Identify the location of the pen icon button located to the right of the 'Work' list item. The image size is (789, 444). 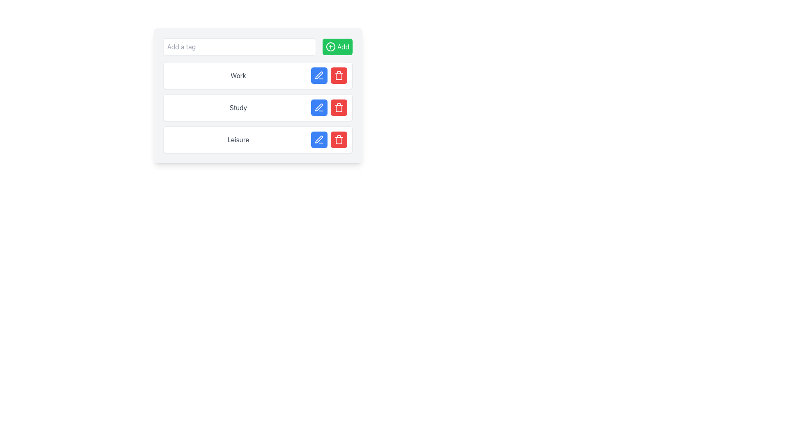
(318, 75).